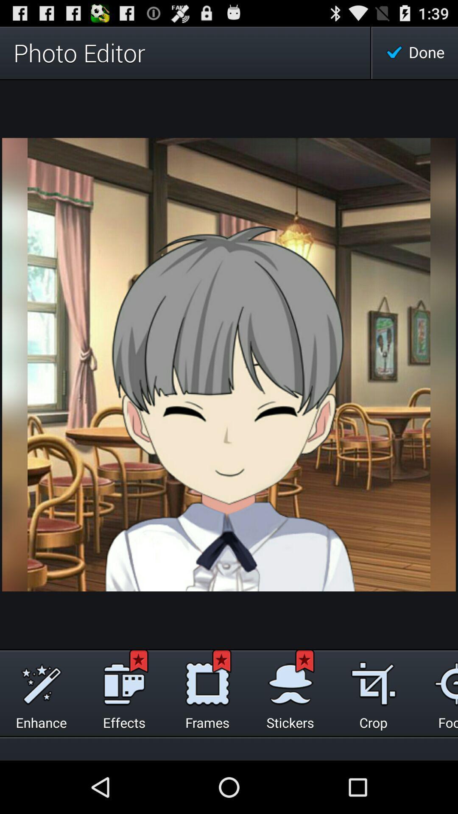  I want to click on the symbol above frames, so click(207, 681).